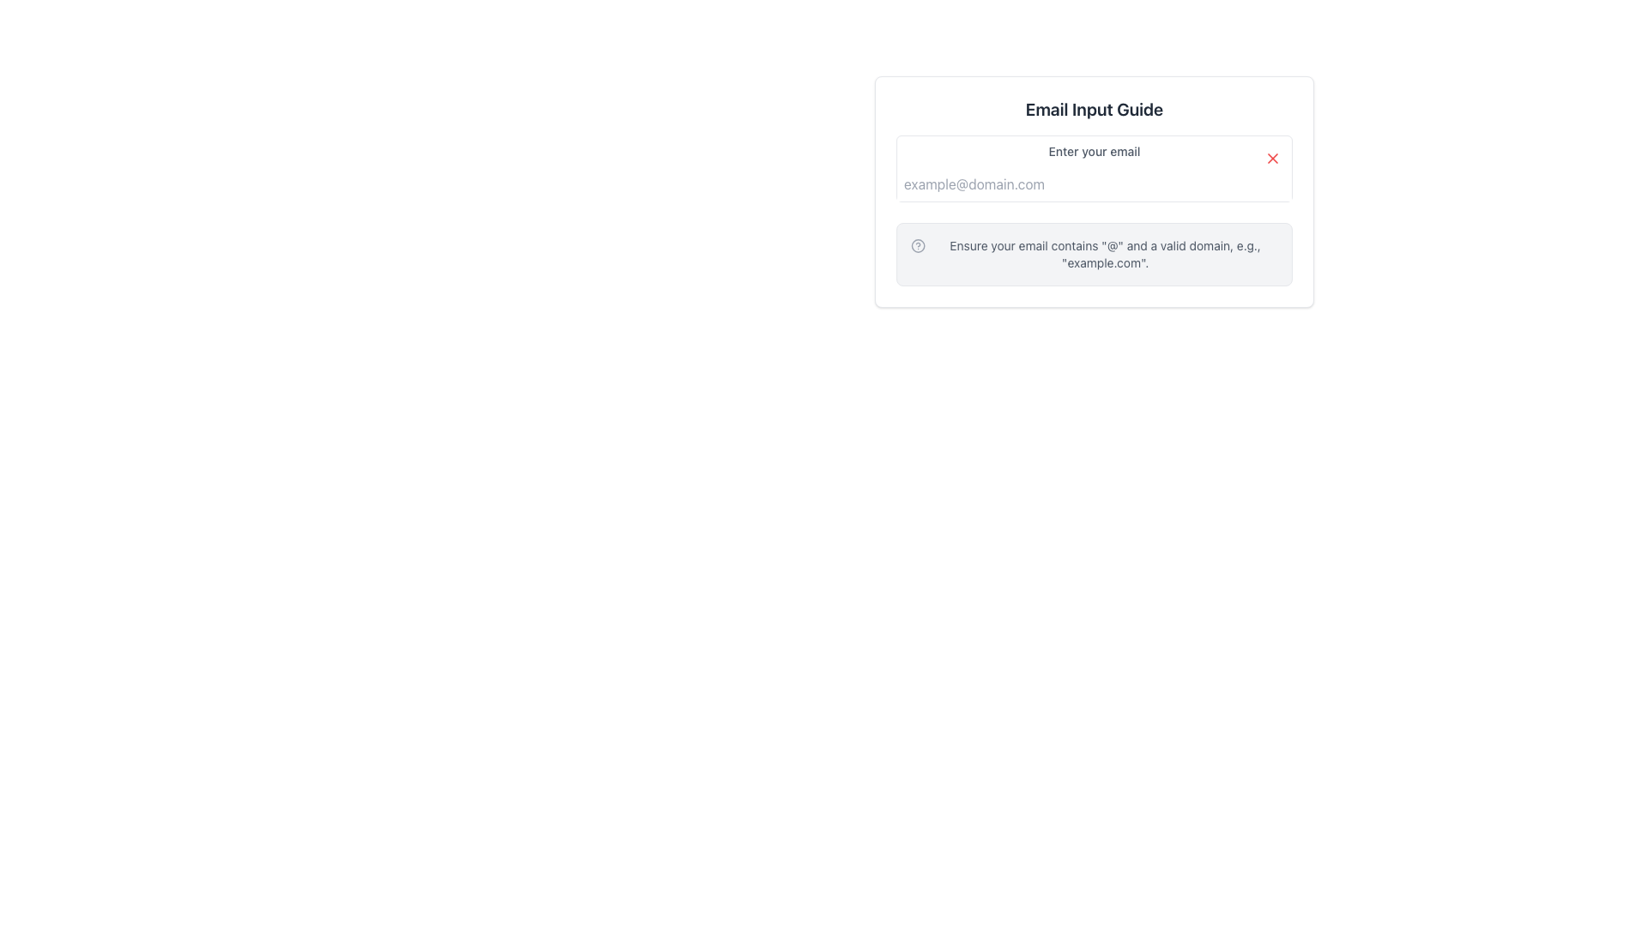  Describe the element at coordinates (917, 245) in the screenshot. I see `the SVG element that serves as part of a visual symbol, specifically the exterior outline of a circular design, located near the bottom of an email input form` at that location.